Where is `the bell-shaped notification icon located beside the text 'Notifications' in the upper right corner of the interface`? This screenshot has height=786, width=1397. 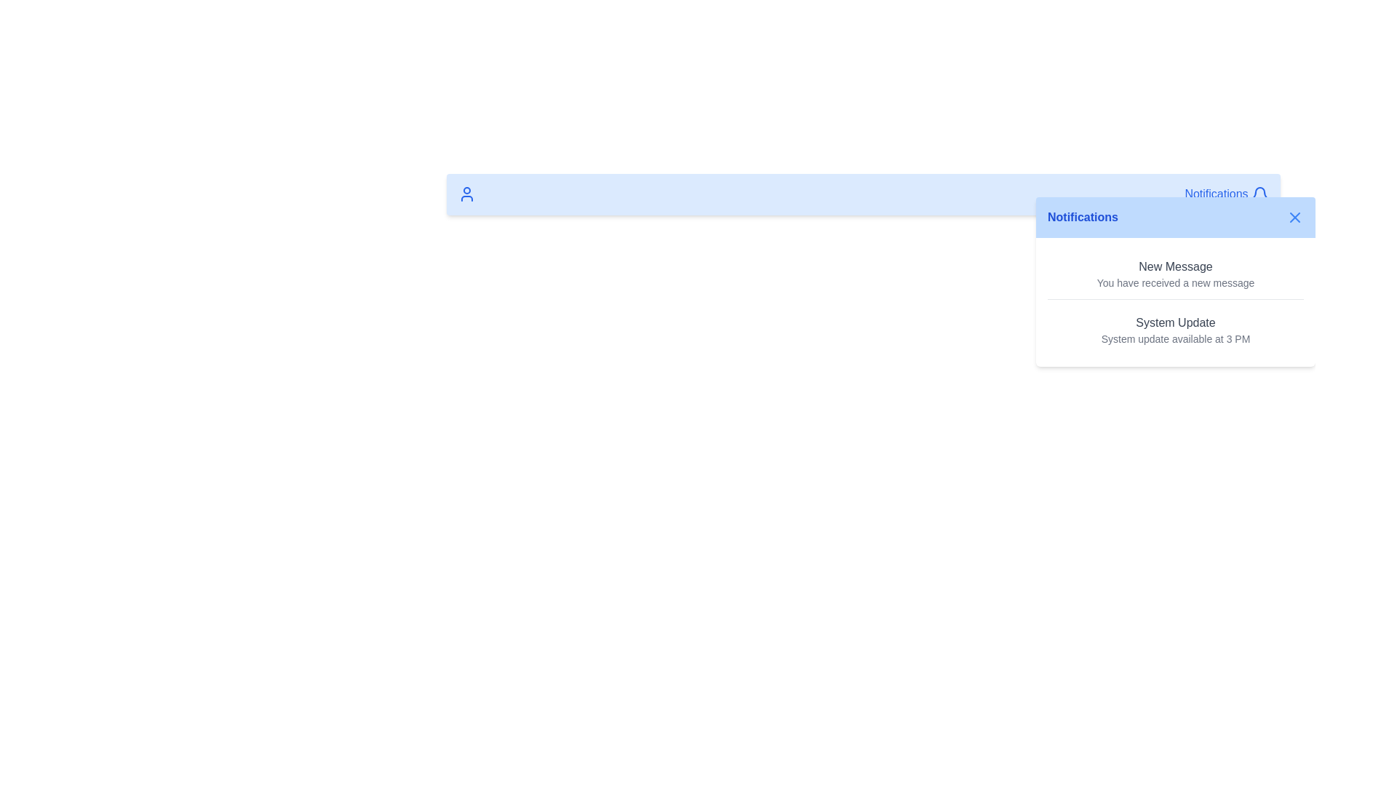
the bell-shaped notification icon located beside the text 'Notifications' in the upper right corner of the interface is located at coordinates (1259, 193).